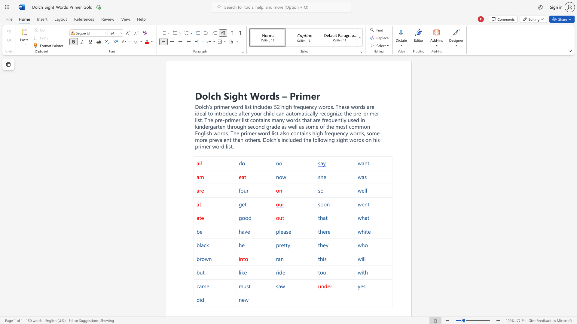 The width and height of the screenshot is (577, 324). Describe the element at coordinates (201, 133) in the screenshot. I see `the subset text "glish words. The" within the text "used in kindergarten through second grade as well as some of the most common English words. The primer word list also"` at that location.